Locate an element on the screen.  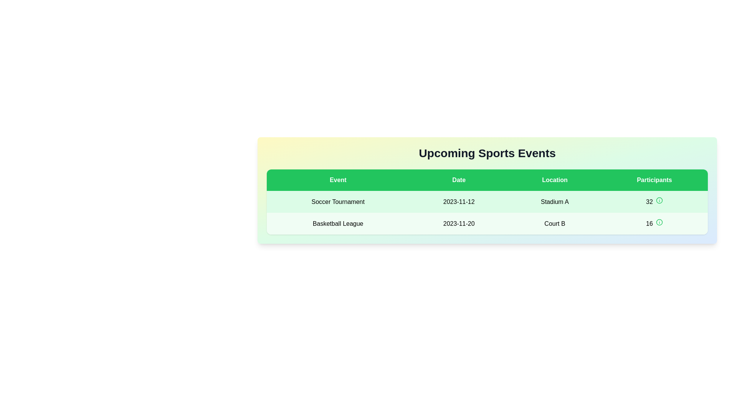
the status of the informational indicator icon associated with the participant count for the 'Soccer Tournament' event, located in the 'Participants' column of the first row in the 'Upcoming Sports Events' table is located at coordinates (659, 200).